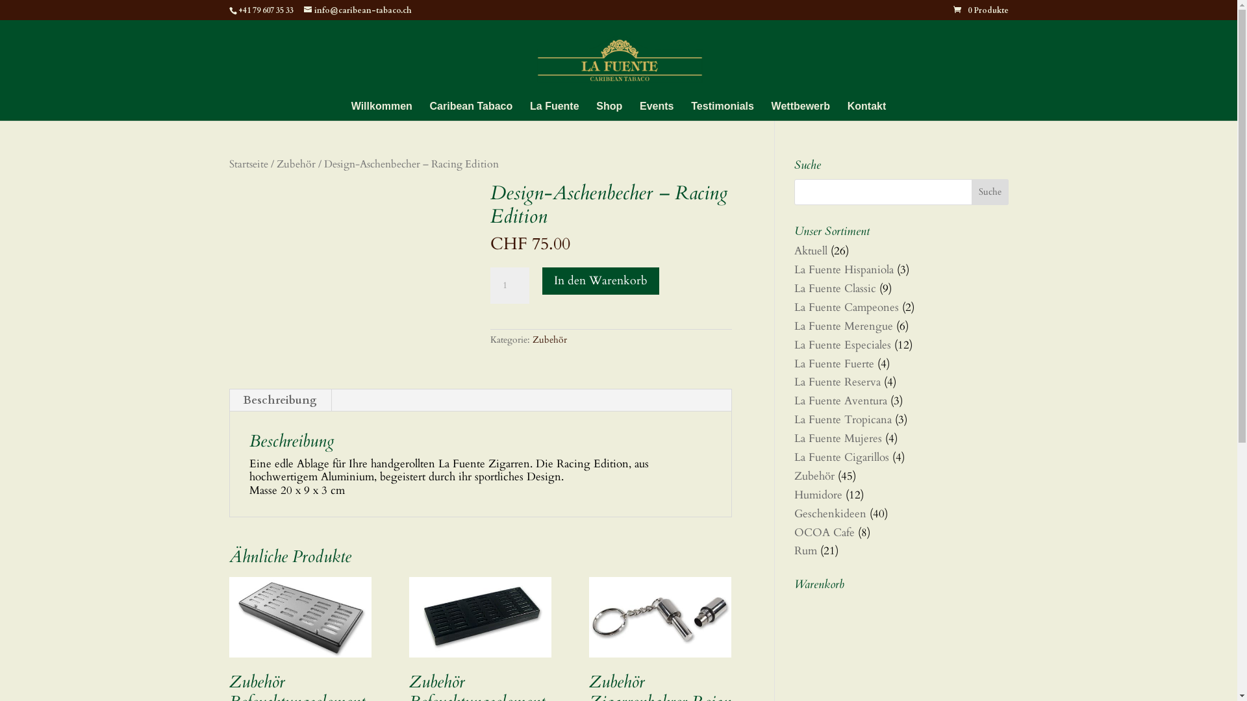 Image resolution: width=1247 pixels, height=701 pixels. Describe the element at coordinates (279, 400) in the screenshot. I see `'Beschreibung'` at that location.